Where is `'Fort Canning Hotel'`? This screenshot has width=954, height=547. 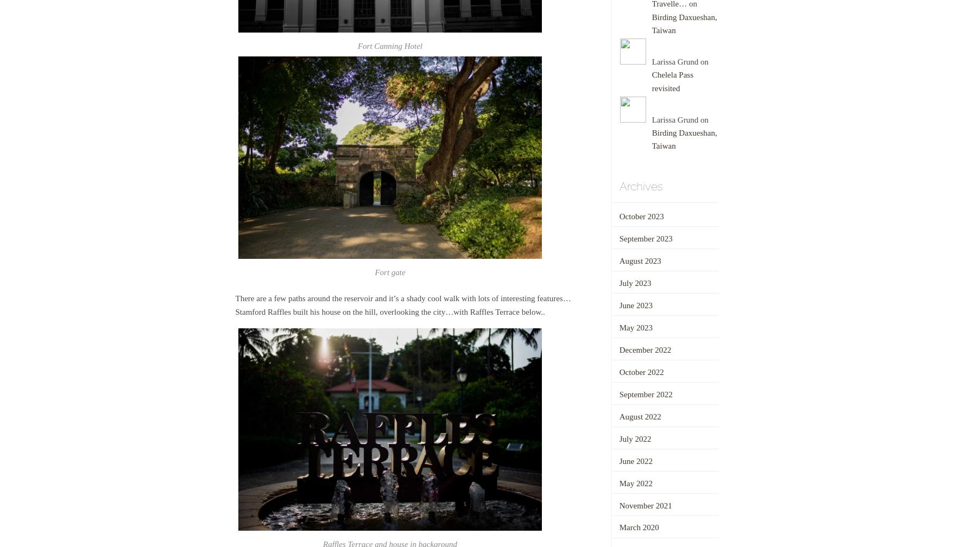 'Fort Canning Hotel' is located at coordinates (389, 46).